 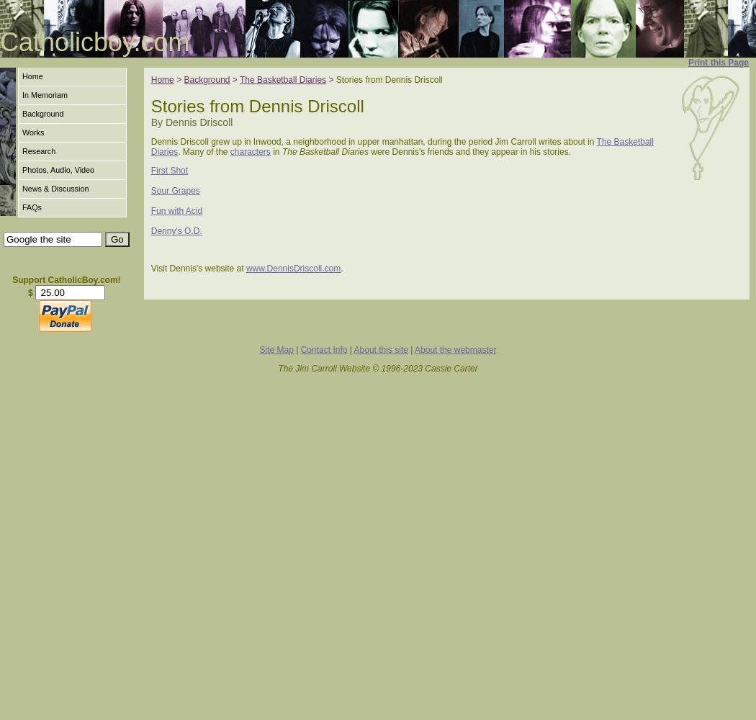 What do you see at coordinates (205, 79) in the screenshot?
I see `'Background'` at bounding box center [205, 79].